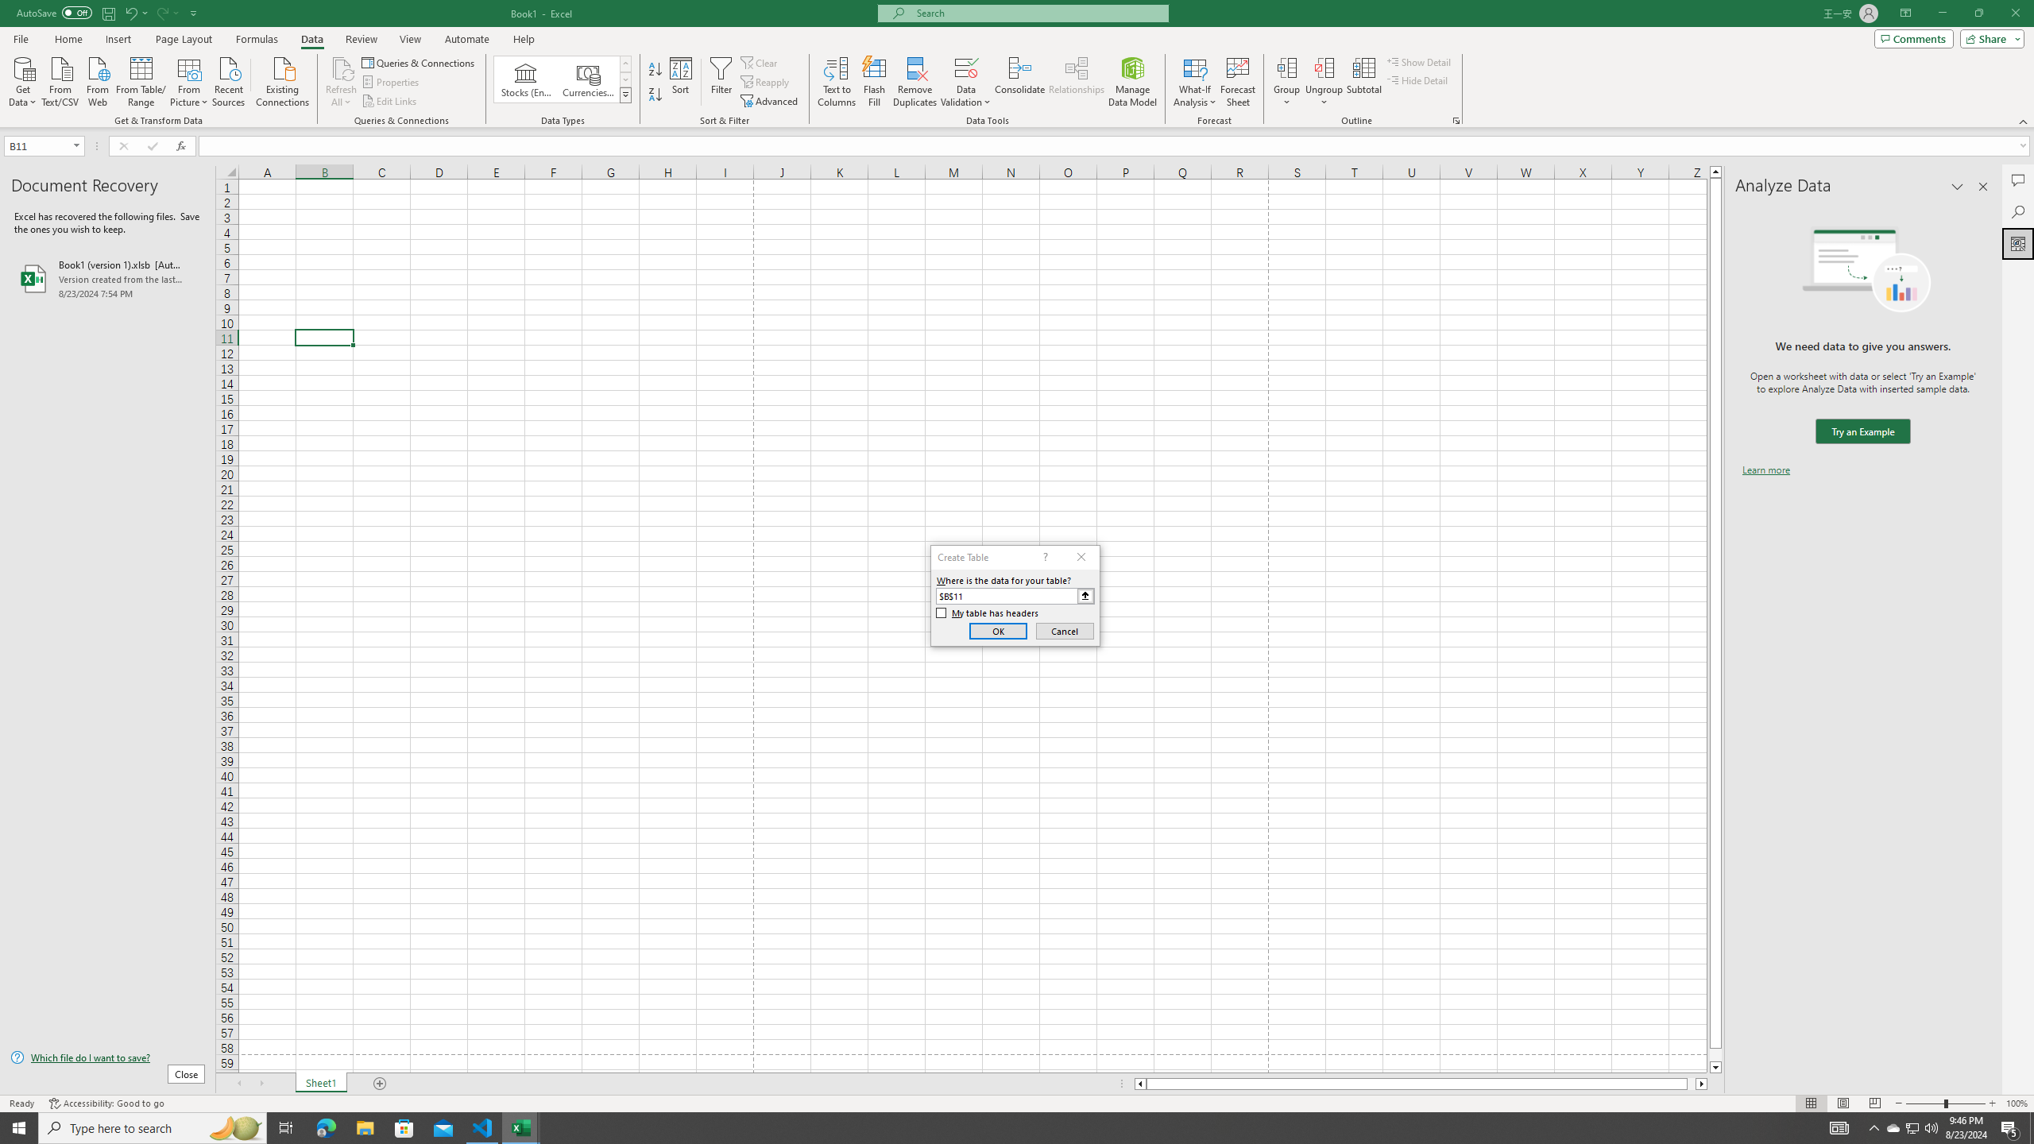 This screenshot has width=2034, height=1144. Describe the element at coordinates (55, 12) in the screenshot. I see `'AutoSave'` at that location.